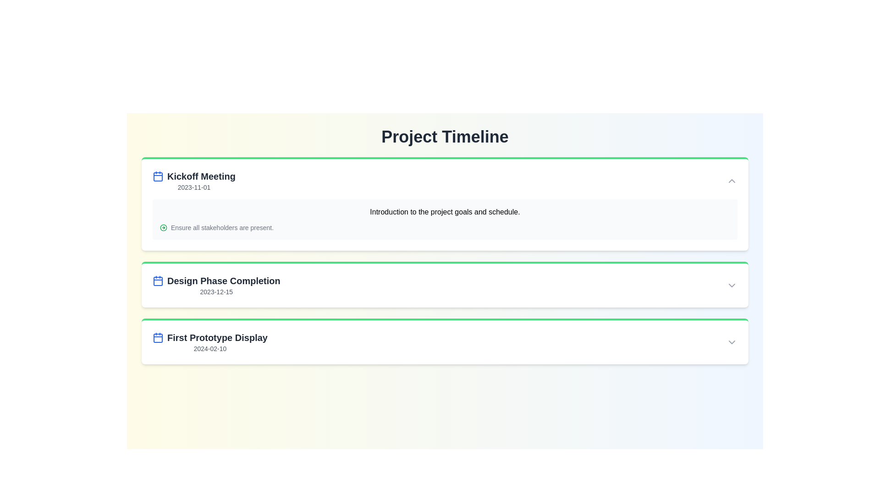 This screenshot has width=880, height=495. What do you see at coordinates (731, 342) in the screenshot?
I see `the downward arrow icon of the dropdown toggle button located on the far right of the row displaying 'First Prototype Display 2024-02-10'` at bounding box center [731, 342].